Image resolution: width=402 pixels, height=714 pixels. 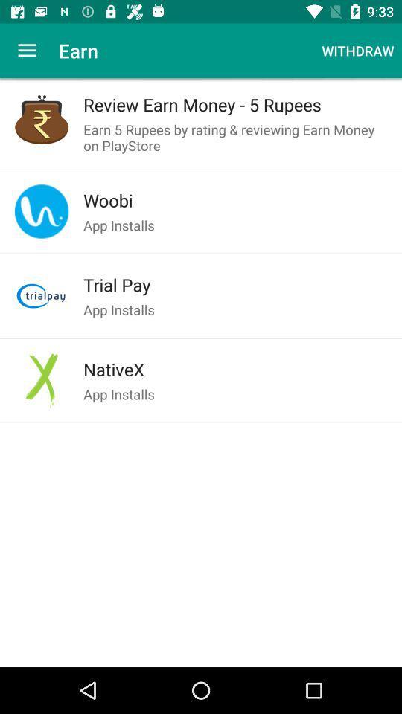 I want to click on the item above the app installs item, so click(x=235, y=199).